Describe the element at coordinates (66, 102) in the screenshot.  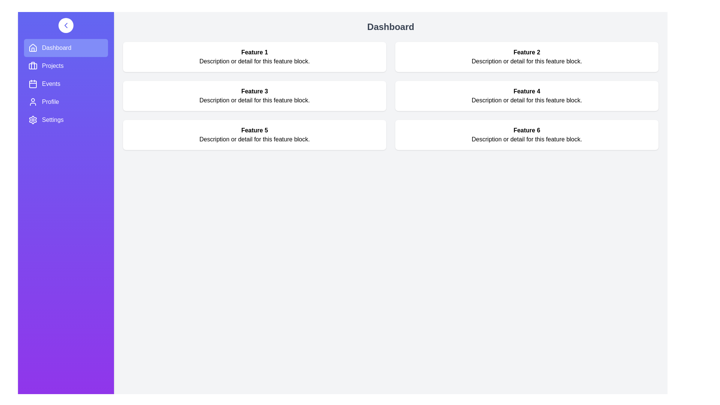
I see `the navigation menu item Profile` at that location.